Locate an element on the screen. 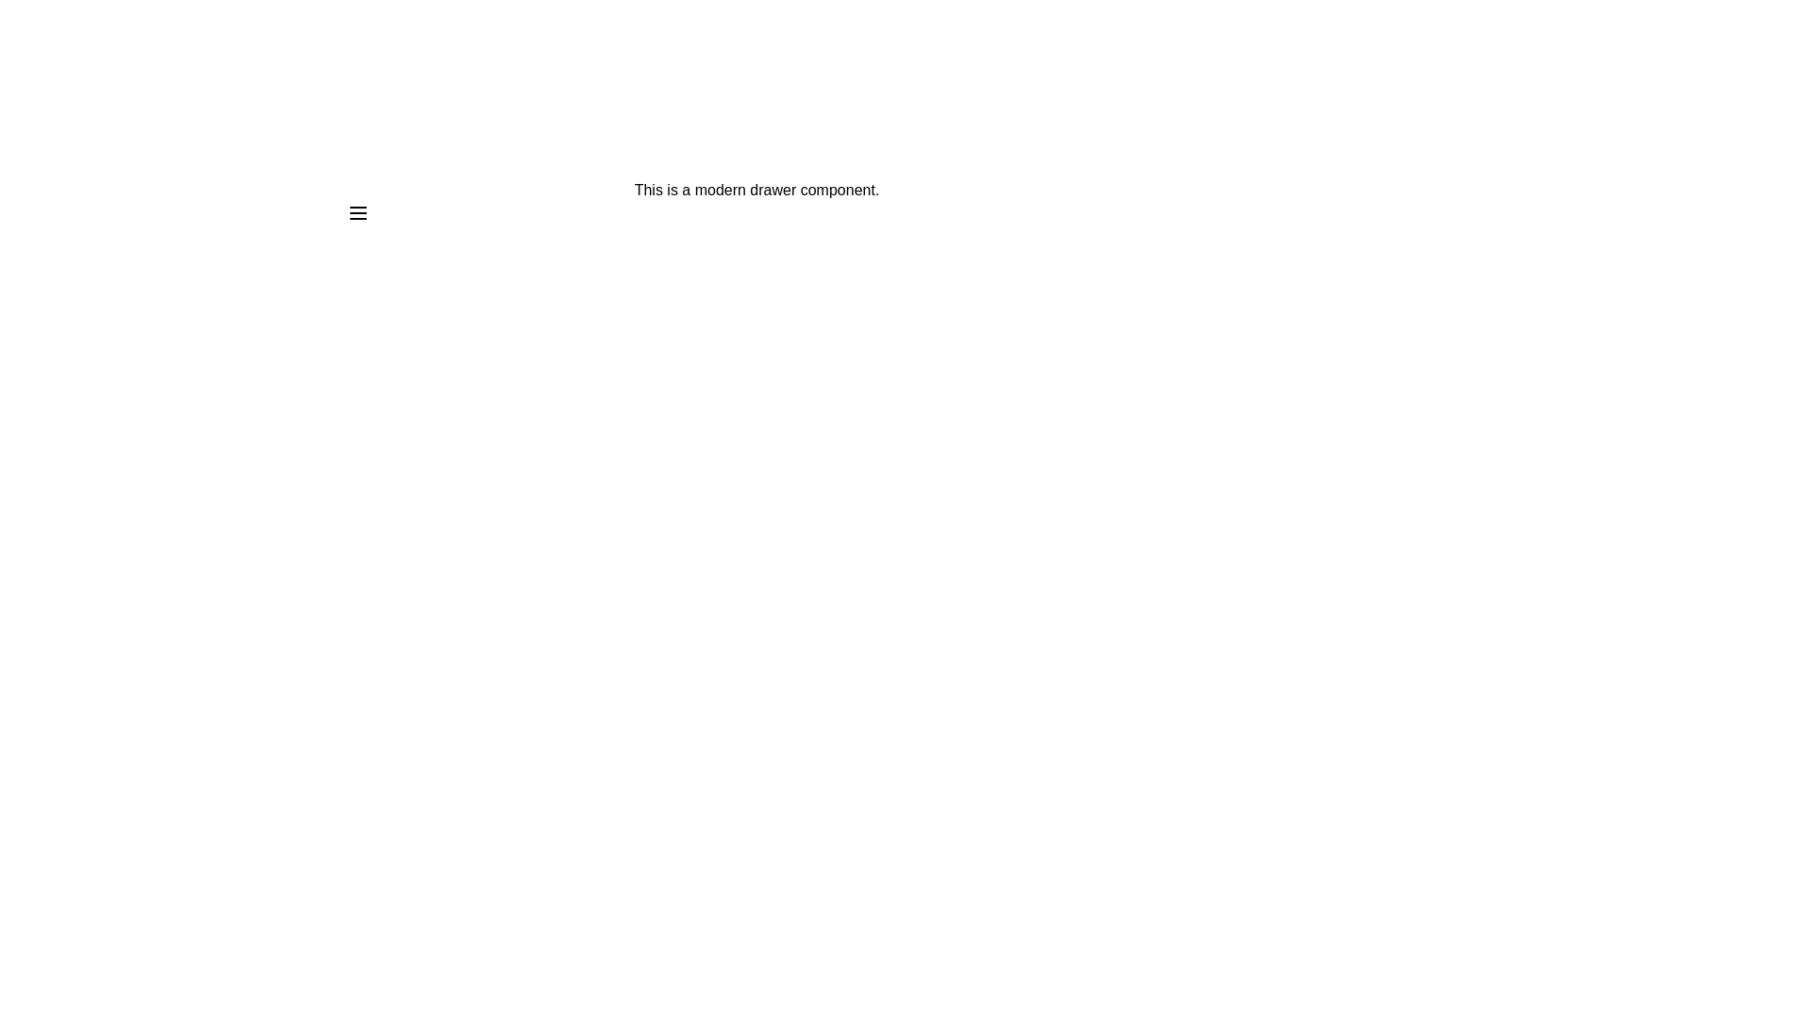 The height and width of the screenshot is (1019, 1811). the descriptive text by dragging the cursor over it is located at coordinates (347, 178).